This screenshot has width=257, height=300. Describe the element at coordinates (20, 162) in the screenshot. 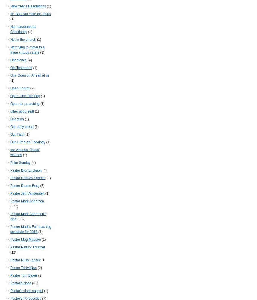

I see `'Palm Sunday'` at that location.